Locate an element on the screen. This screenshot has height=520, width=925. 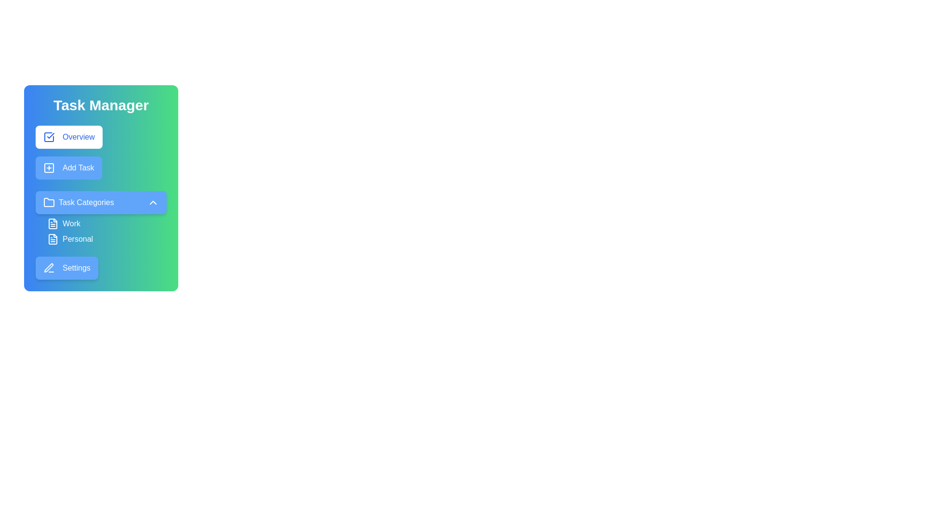
the 'Overview' button located in the left sidebar panel of the 'Task Manager' is located at coordinates (68, 137).